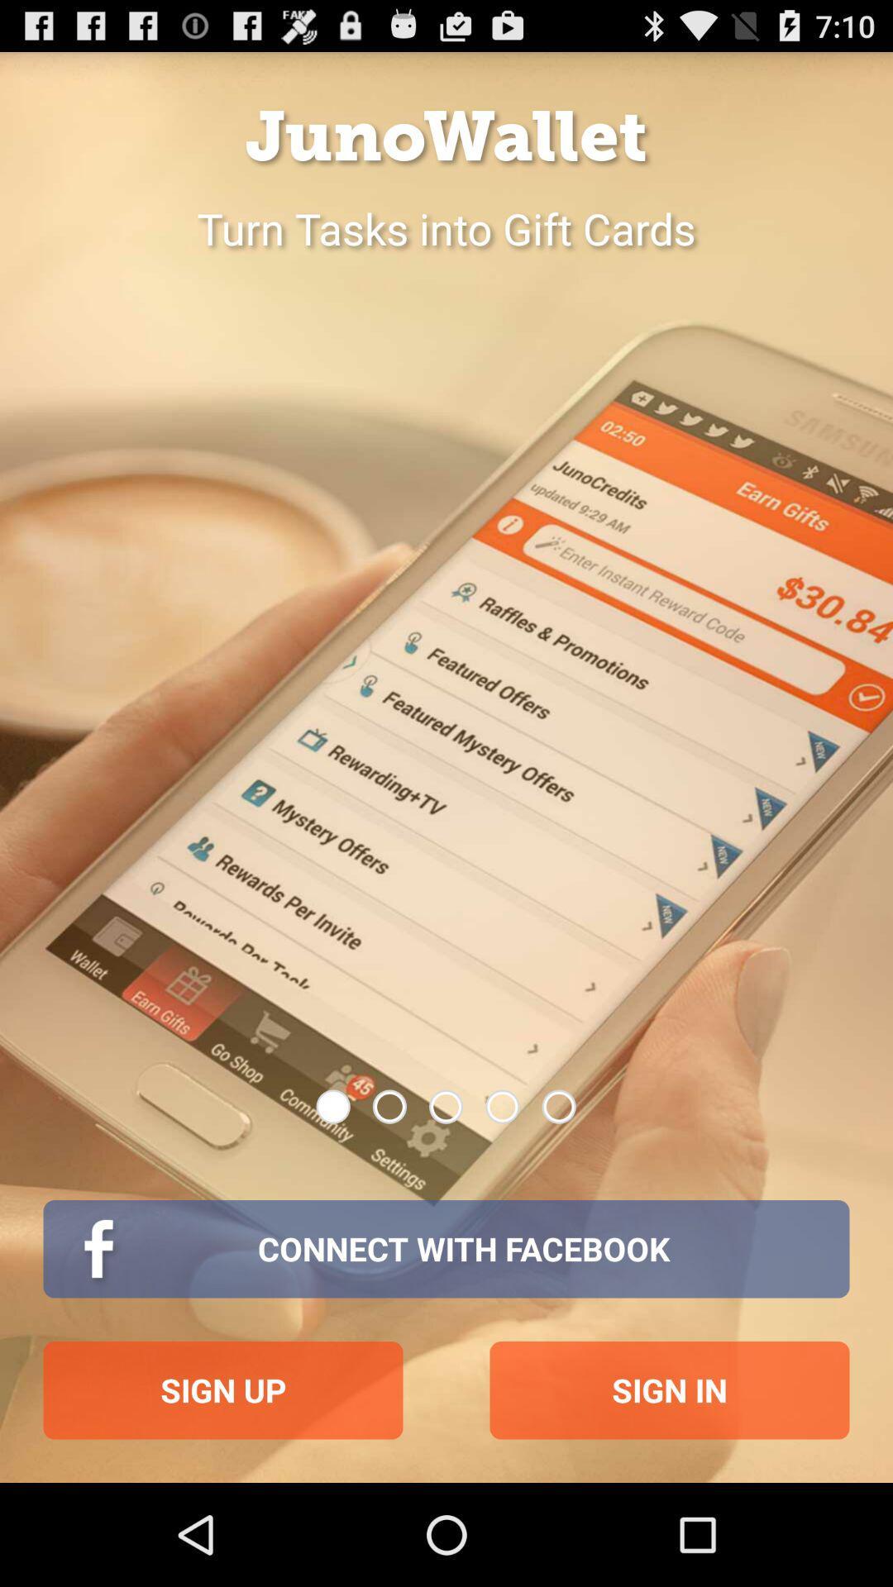 The width and height of the screenshot is (893, 1587). I want to click on the sign in at the bottom right corner, so click(670, 1389).